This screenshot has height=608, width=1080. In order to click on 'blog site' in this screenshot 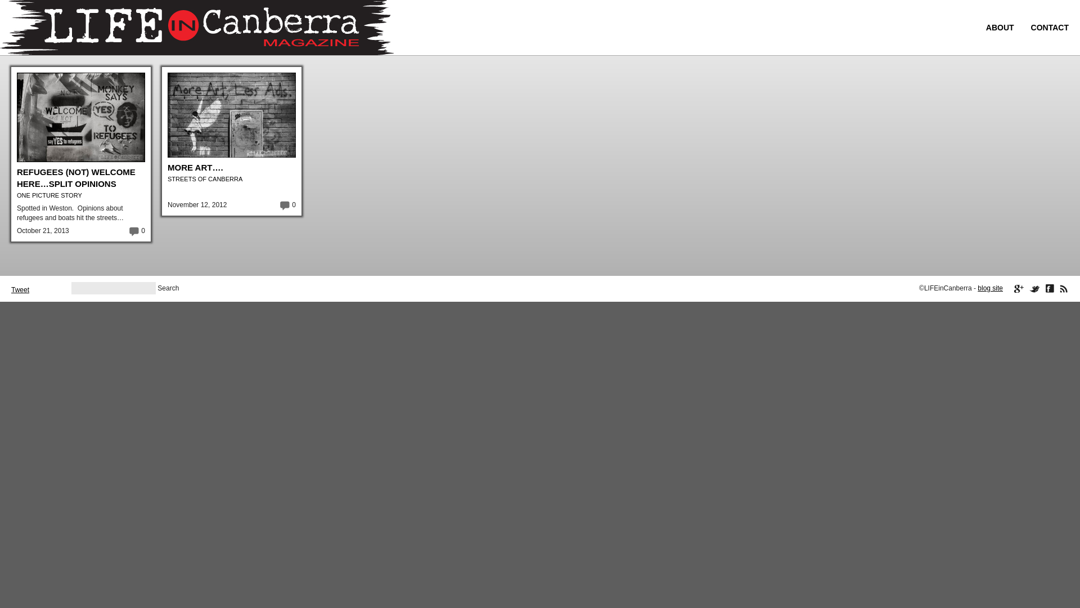, I will do `click(990, 288)`.